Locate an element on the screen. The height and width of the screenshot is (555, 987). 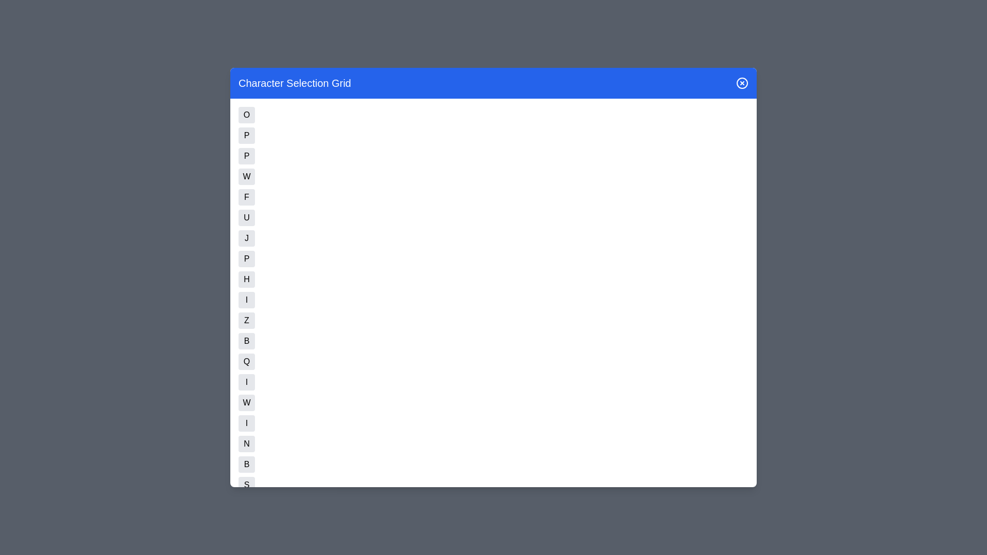
the button corresponding to character H is located at coordinates (247, 279).